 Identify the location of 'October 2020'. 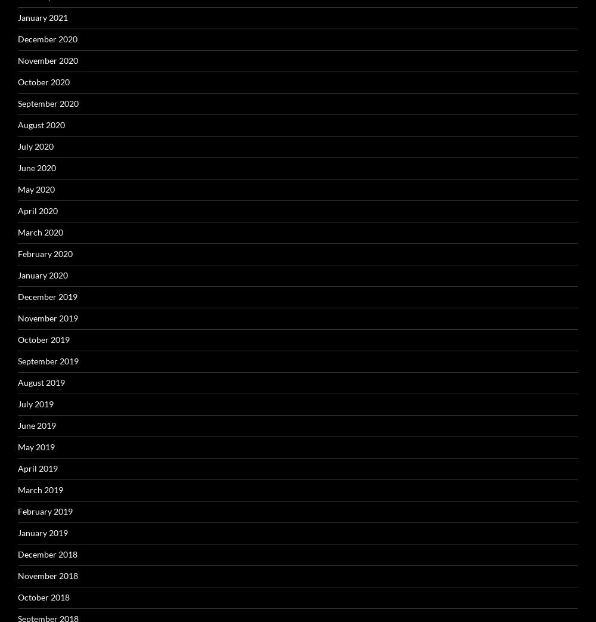
(43, 82).